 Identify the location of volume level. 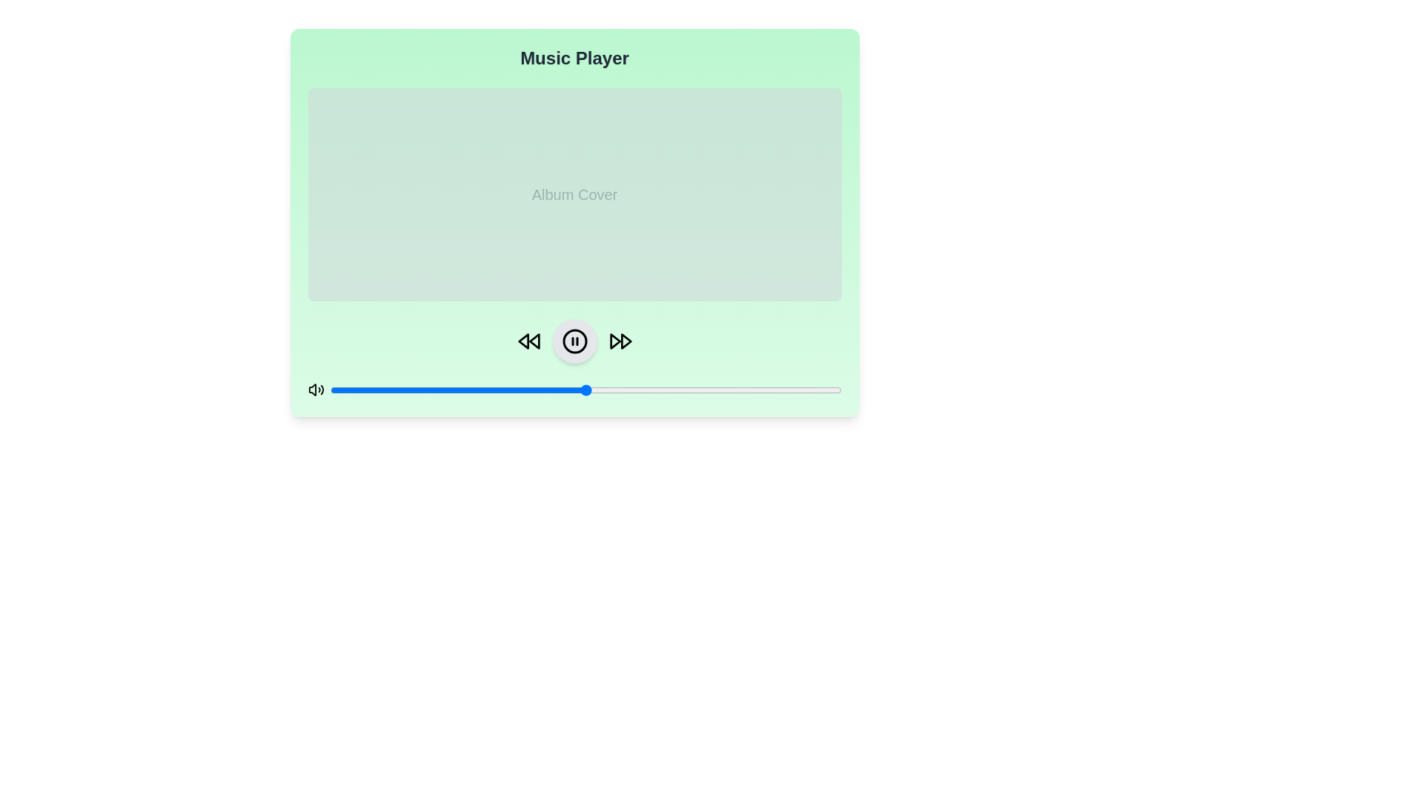
(820, 390).